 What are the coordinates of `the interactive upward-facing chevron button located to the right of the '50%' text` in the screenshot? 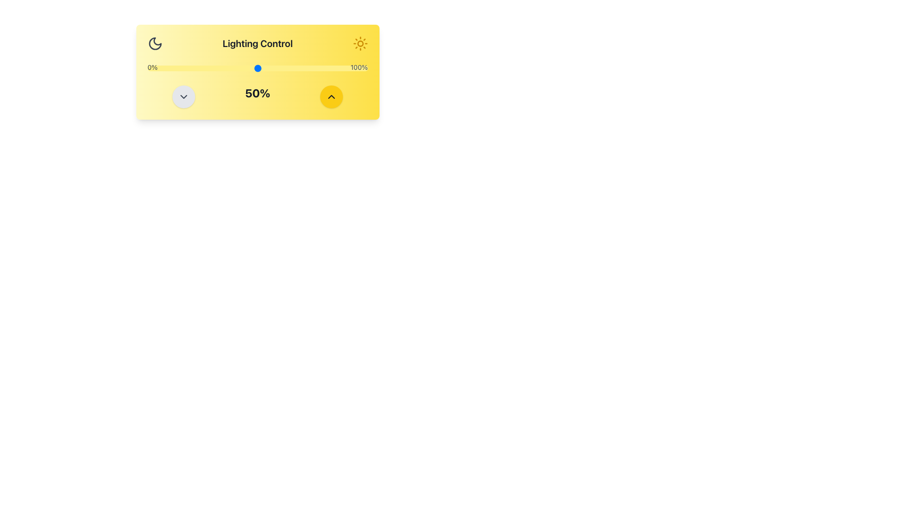 It's located at (332, 97).